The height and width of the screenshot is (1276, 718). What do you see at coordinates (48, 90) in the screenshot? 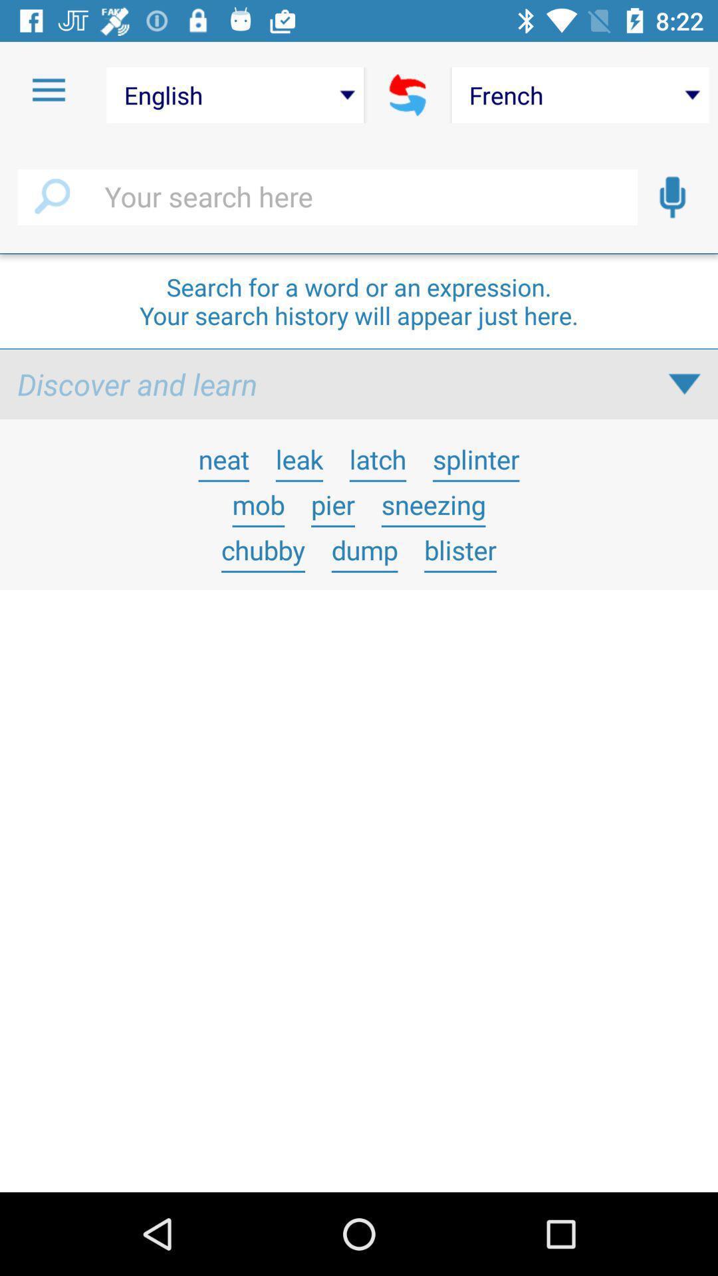
I see `the item to the left of the english item` at bounding box center [48, 90].